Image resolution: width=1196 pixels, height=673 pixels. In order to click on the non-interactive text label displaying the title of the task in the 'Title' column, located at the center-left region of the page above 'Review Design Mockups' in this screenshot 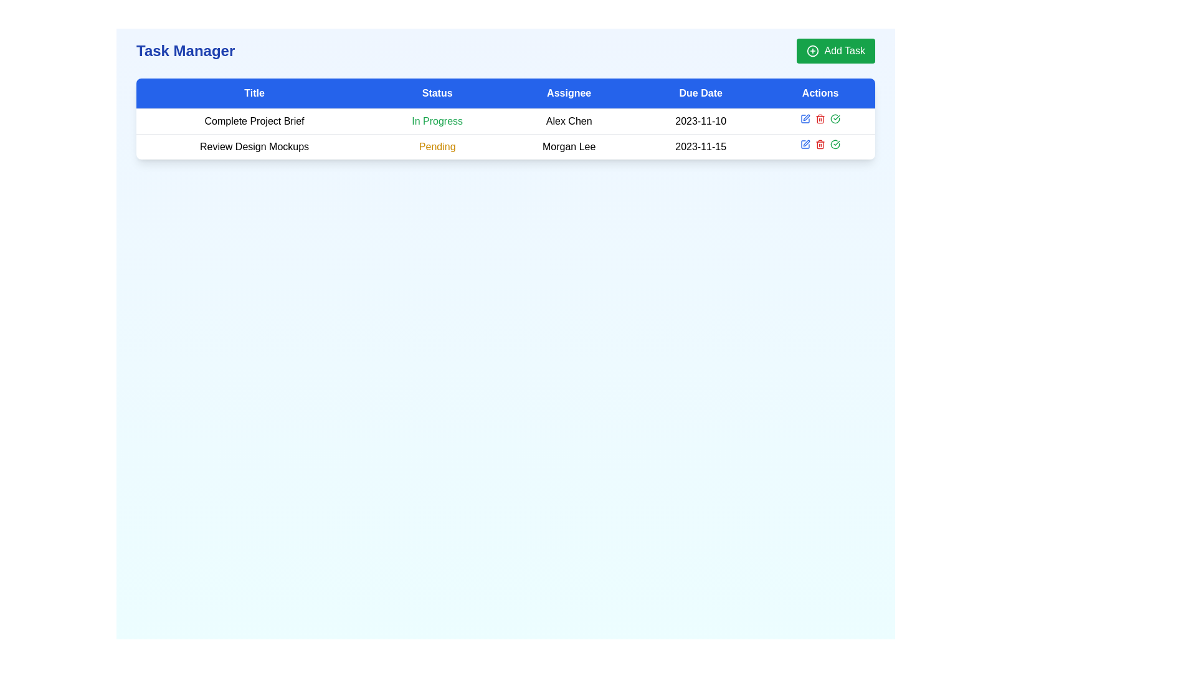, I will do `click(254, 122)`.